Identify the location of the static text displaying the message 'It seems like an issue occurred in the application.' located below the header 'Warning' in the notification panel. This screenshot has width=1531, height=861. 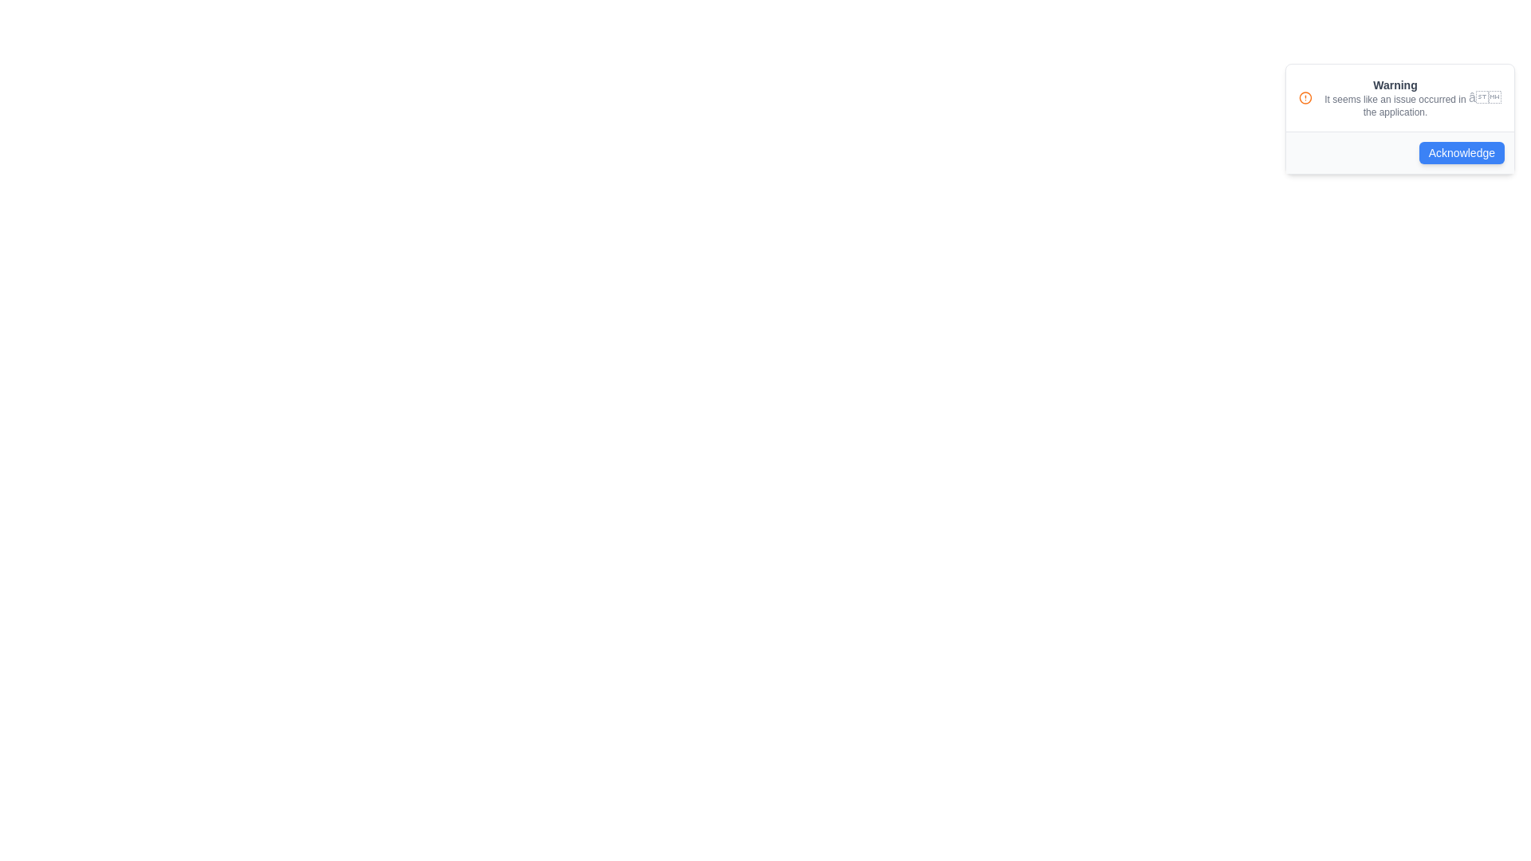
(1395, 105).